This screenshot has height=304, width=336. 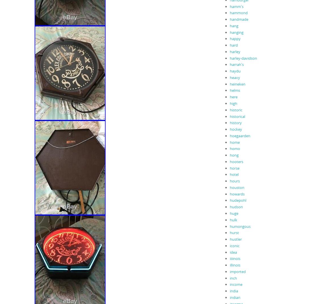 I want to click on 'hustler', so click(x=235, y=239).